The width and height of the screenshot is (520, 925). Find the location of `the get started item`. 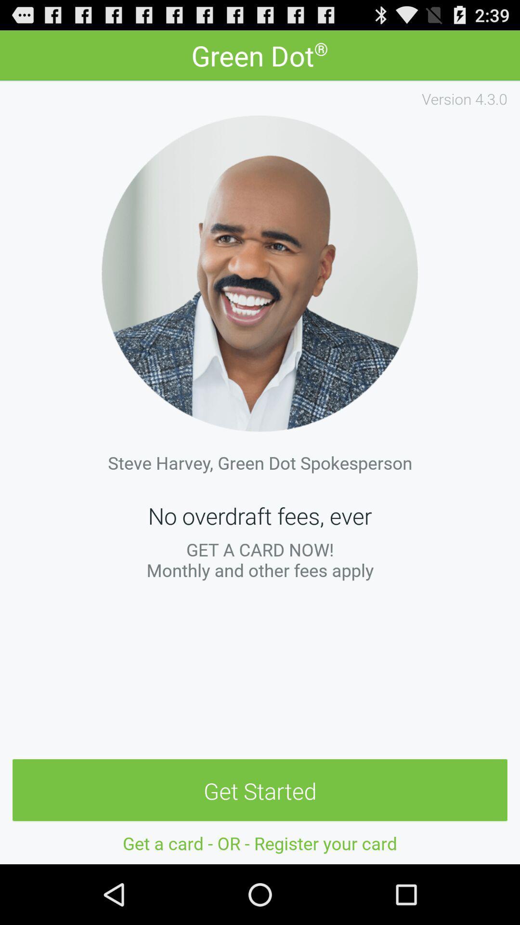

the get started item is located at coordinates (260, 791).